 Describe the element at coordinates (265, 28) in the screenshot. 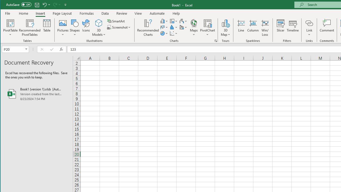

I see `'Win/Loss'` at that location.